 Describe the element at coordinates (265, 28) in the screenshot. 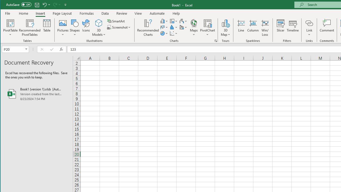

I see `'Win/Loss'` at that location.